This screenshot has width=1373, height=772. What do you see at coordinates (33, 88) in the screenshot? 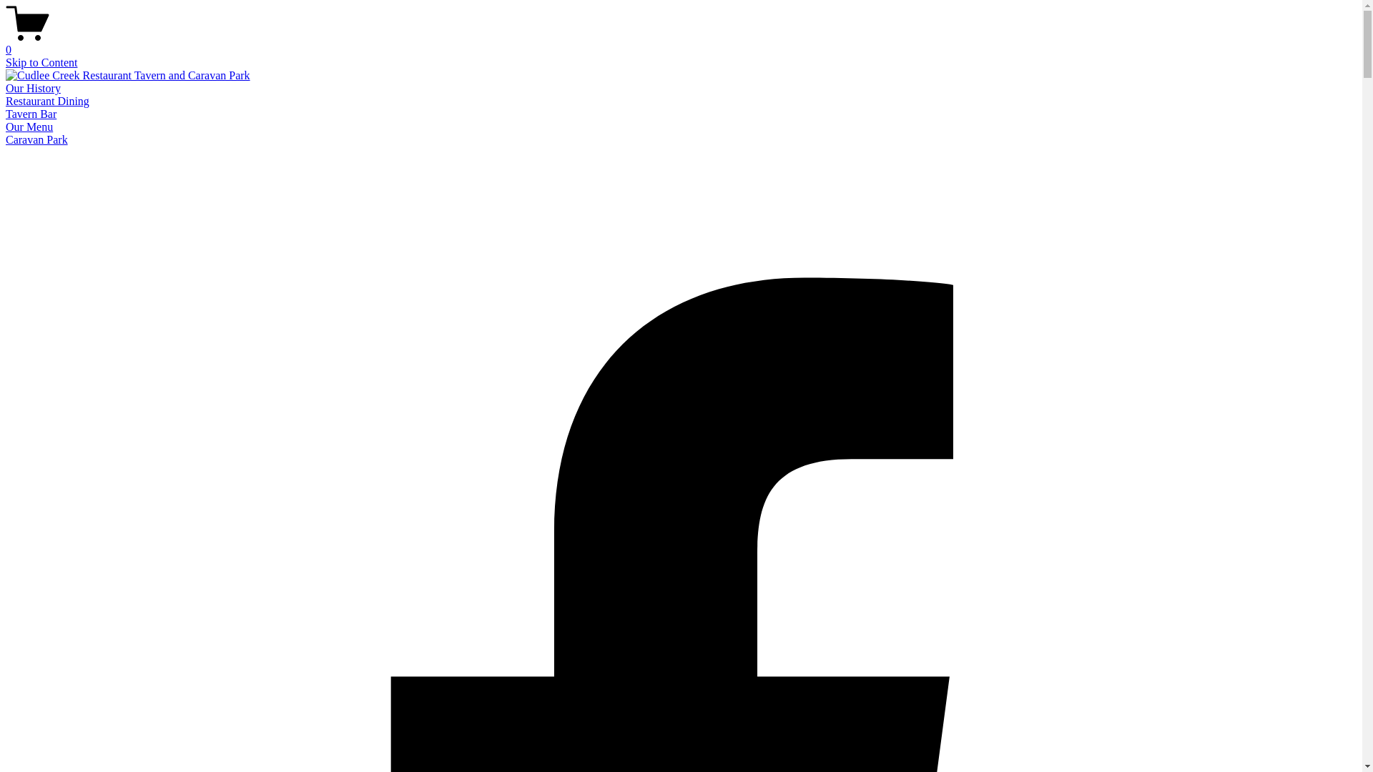
I see `'Our History'` at bounding box center [33, 88].